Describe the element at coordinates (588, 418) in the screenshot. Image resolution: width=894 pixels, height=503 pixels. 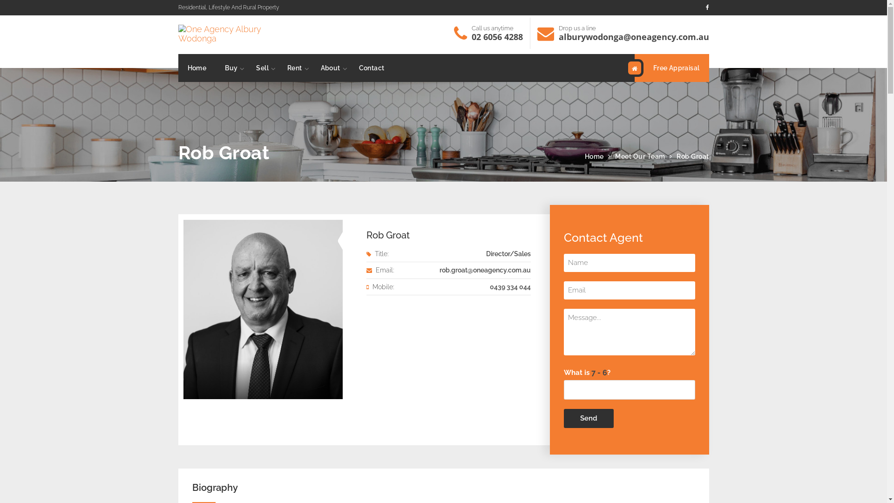
I see `'Send'` at that location.